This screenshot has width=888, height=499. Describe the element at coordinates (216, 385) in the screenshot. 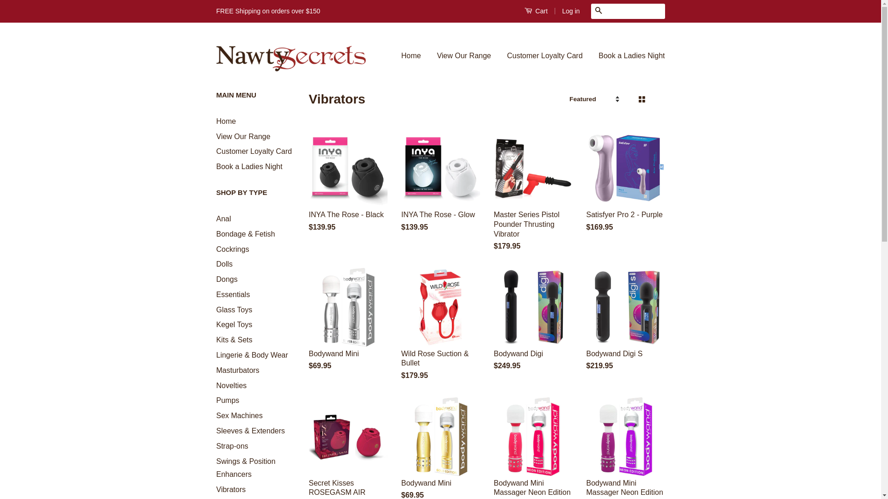

I see `'Novelties'` at that location.